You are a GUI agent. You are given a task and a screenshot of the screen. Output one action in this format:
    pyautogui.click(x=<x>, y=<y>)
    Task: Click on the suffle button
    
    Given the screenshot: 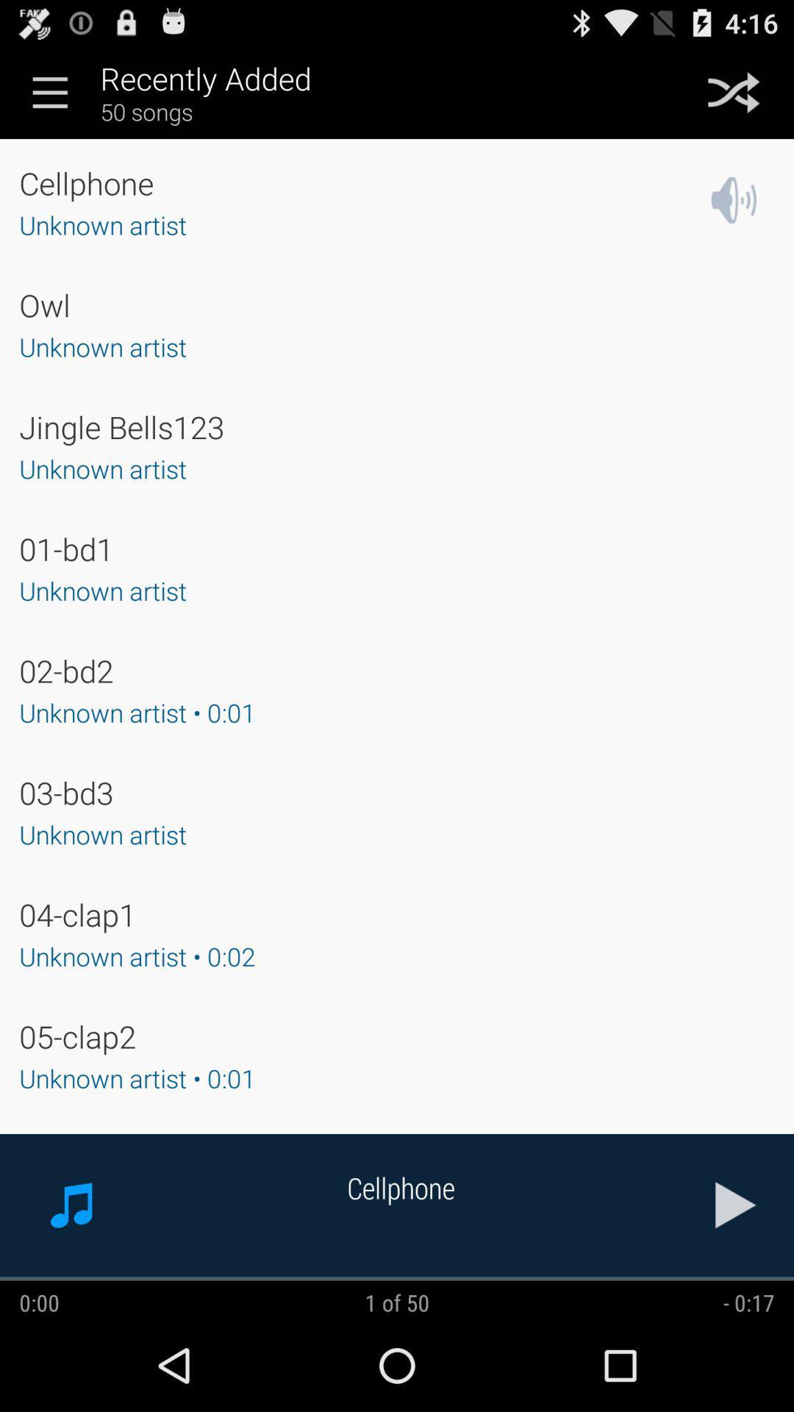 What is the action you would take?
    pyautogui.click(x=734, y=91)
    